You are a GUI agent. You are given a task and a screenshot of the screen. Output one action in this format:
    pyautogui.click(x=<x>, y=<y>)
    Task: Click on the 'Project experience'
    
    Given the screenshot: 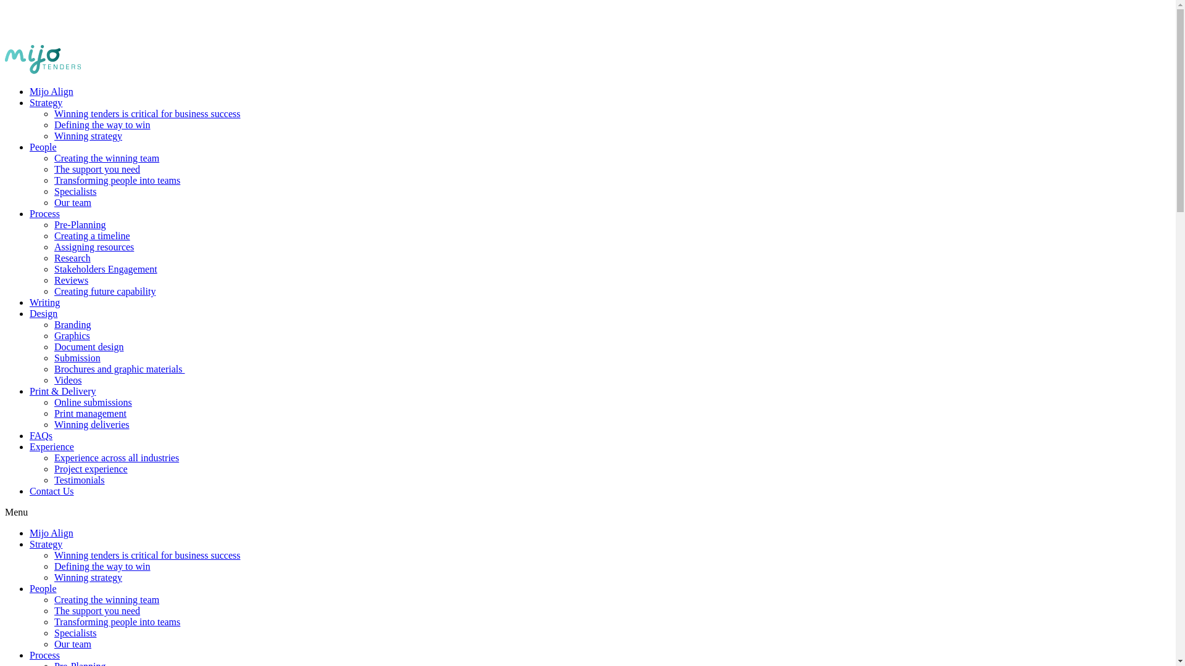 What is the action you would take?
    pyautogui.click(x=90, y=469)
    